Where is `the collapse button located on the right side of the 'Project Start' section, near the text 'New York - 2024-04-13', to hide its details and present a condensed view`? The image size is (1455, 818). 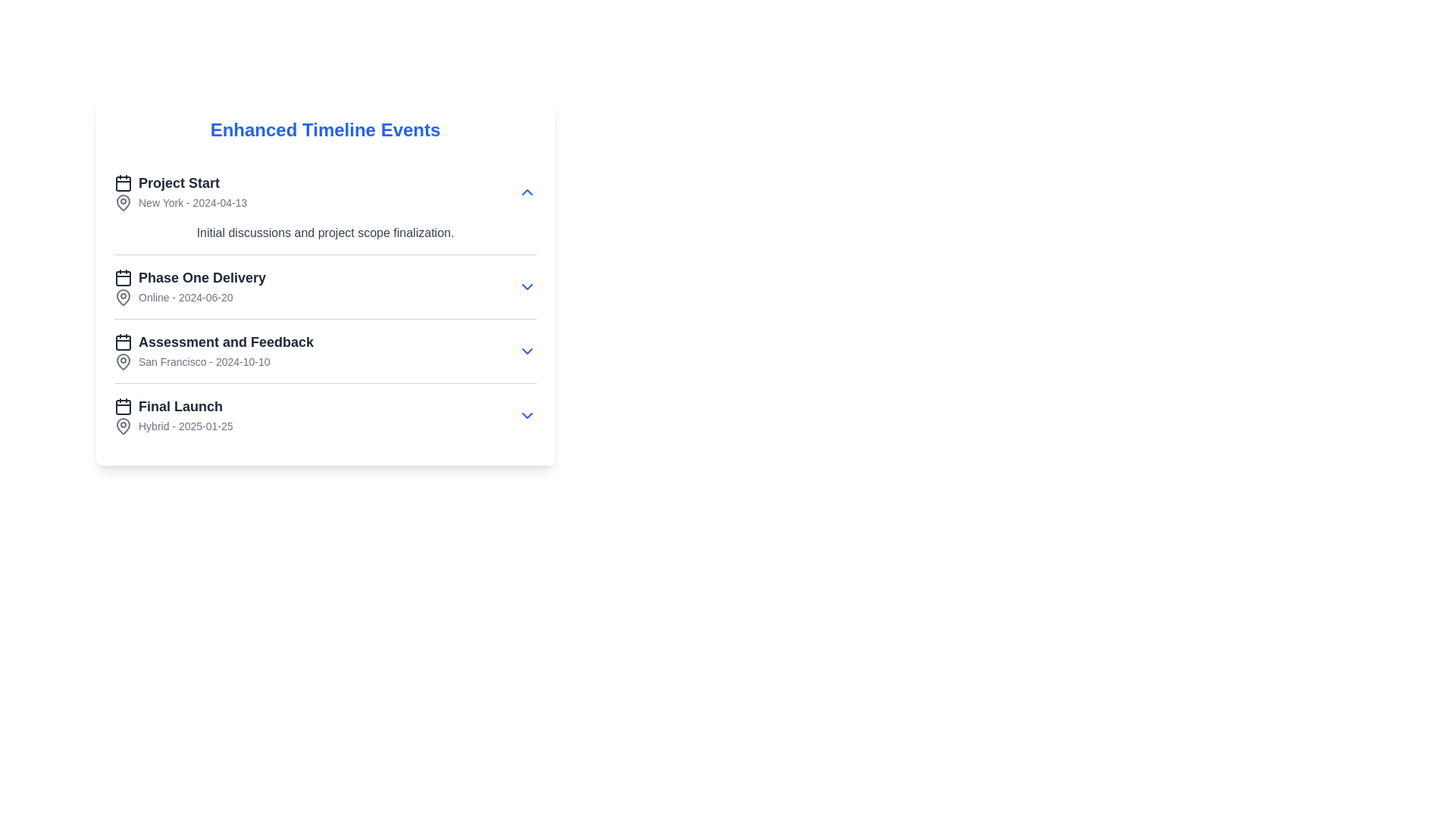 the collapse button located on the right side of the 'Project Start' section, near the text 'New York - 2024-04-13', to hide its details and present a condensed view is located at coordinates (527, 192).